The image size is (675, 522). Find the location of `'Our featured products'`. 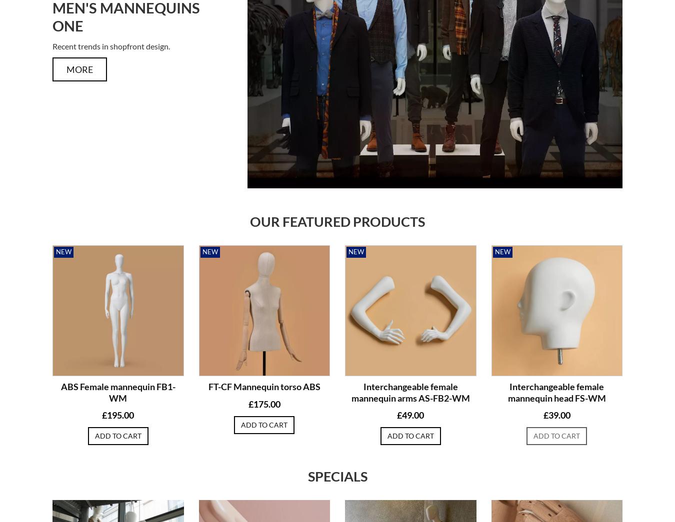

'Our featured products' is located at coordinates (337, 221).